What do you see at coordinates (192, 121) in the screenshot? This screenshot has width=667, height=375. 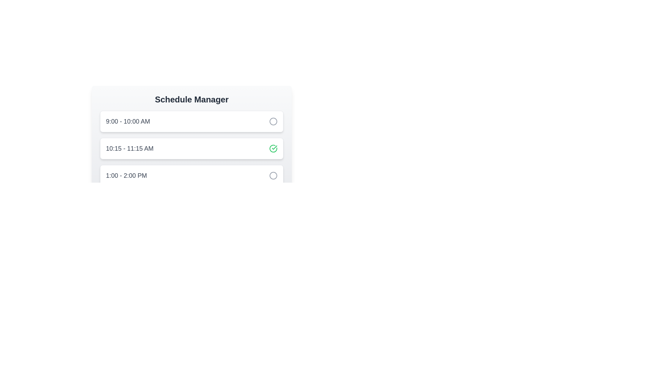 I see `the timeslot corresponding to 1` at bounding box center [192, 121].